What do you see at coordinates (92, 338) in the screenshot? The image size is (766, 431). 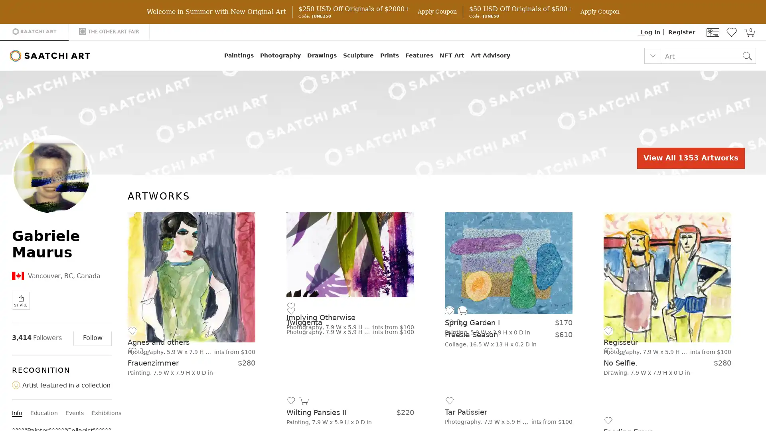 I see `Follow` at bounding box center [92, 338].